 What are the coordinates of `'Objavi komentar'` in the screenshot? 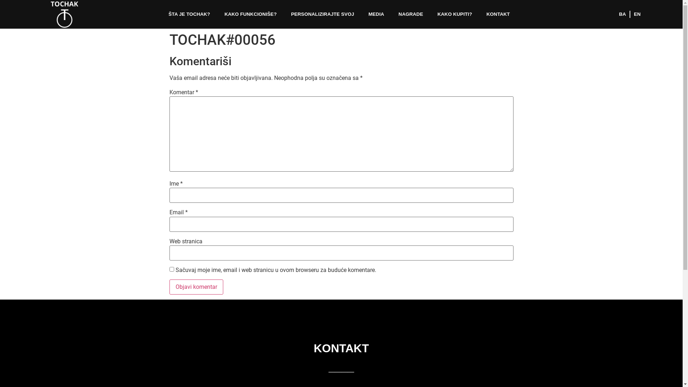 It's located at (168, 287).